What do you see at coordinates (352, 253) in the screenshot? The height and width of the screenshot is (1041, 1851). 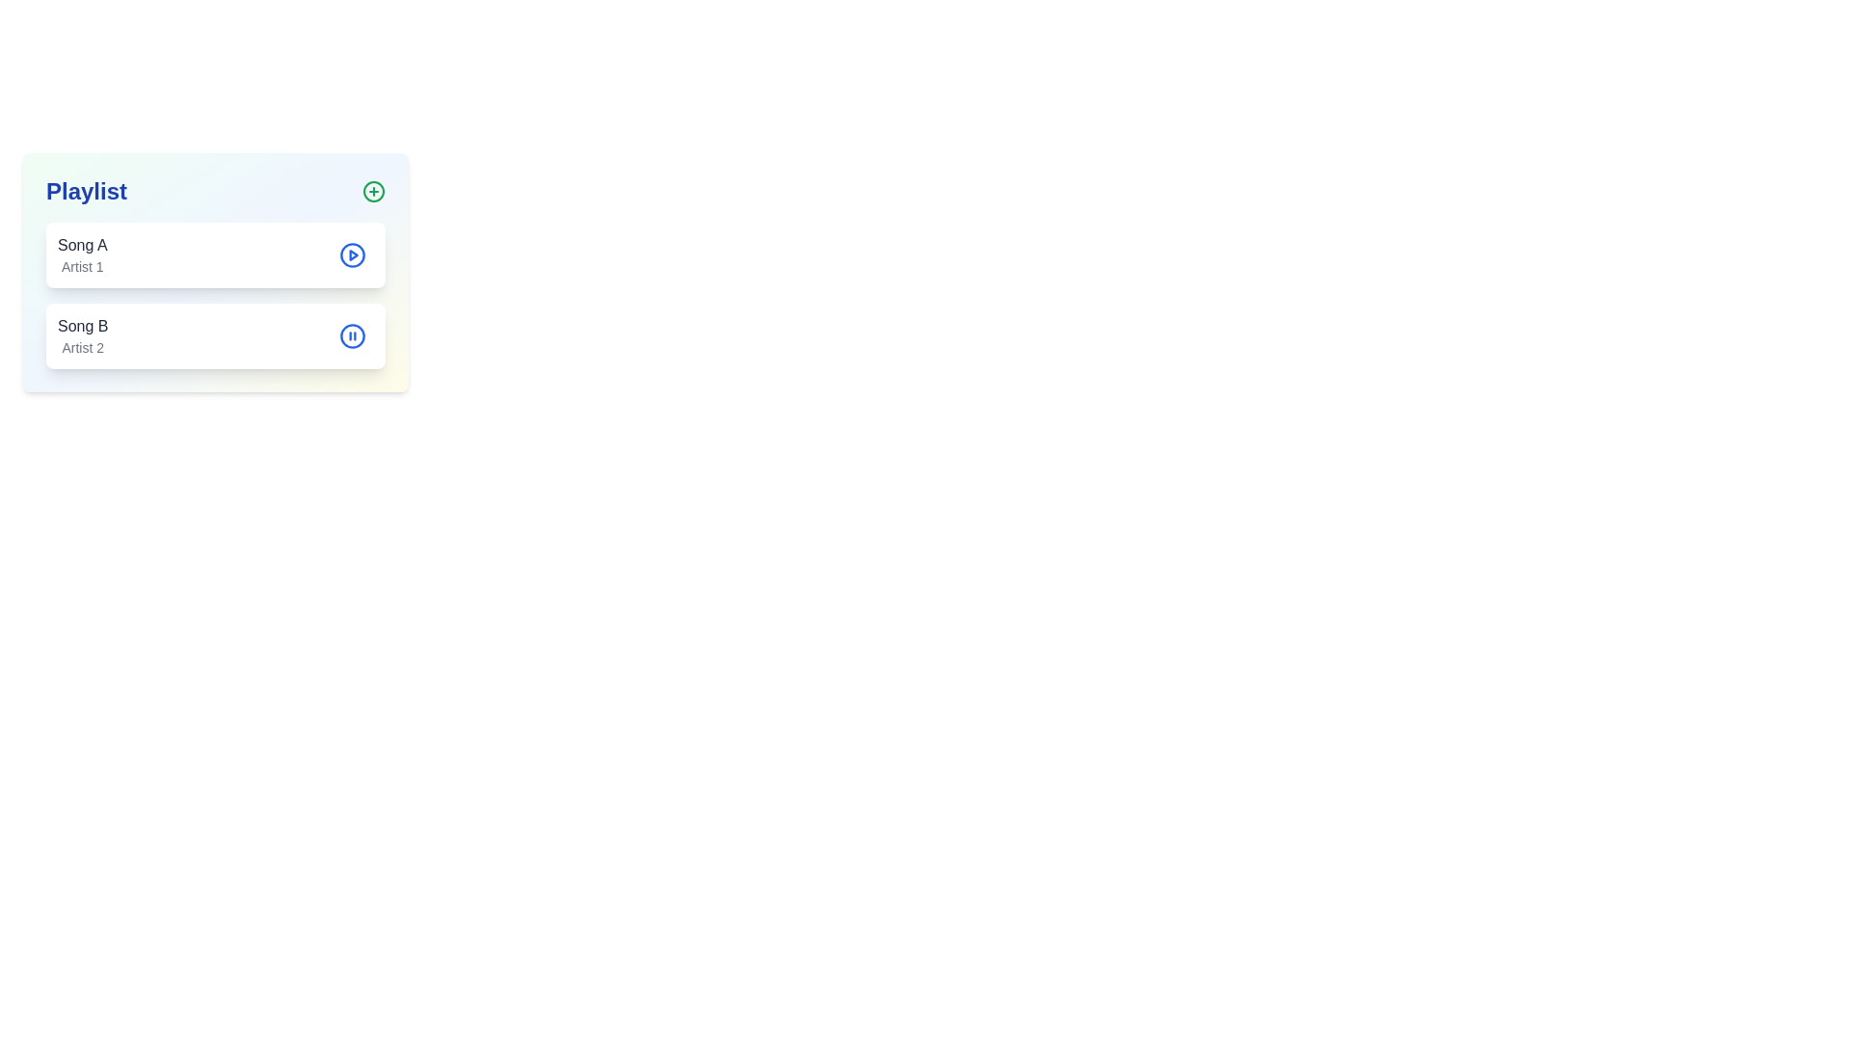 I see `the SVG circle representing the play button icon for the first song in the playlist` at bounding box center [352, 253].